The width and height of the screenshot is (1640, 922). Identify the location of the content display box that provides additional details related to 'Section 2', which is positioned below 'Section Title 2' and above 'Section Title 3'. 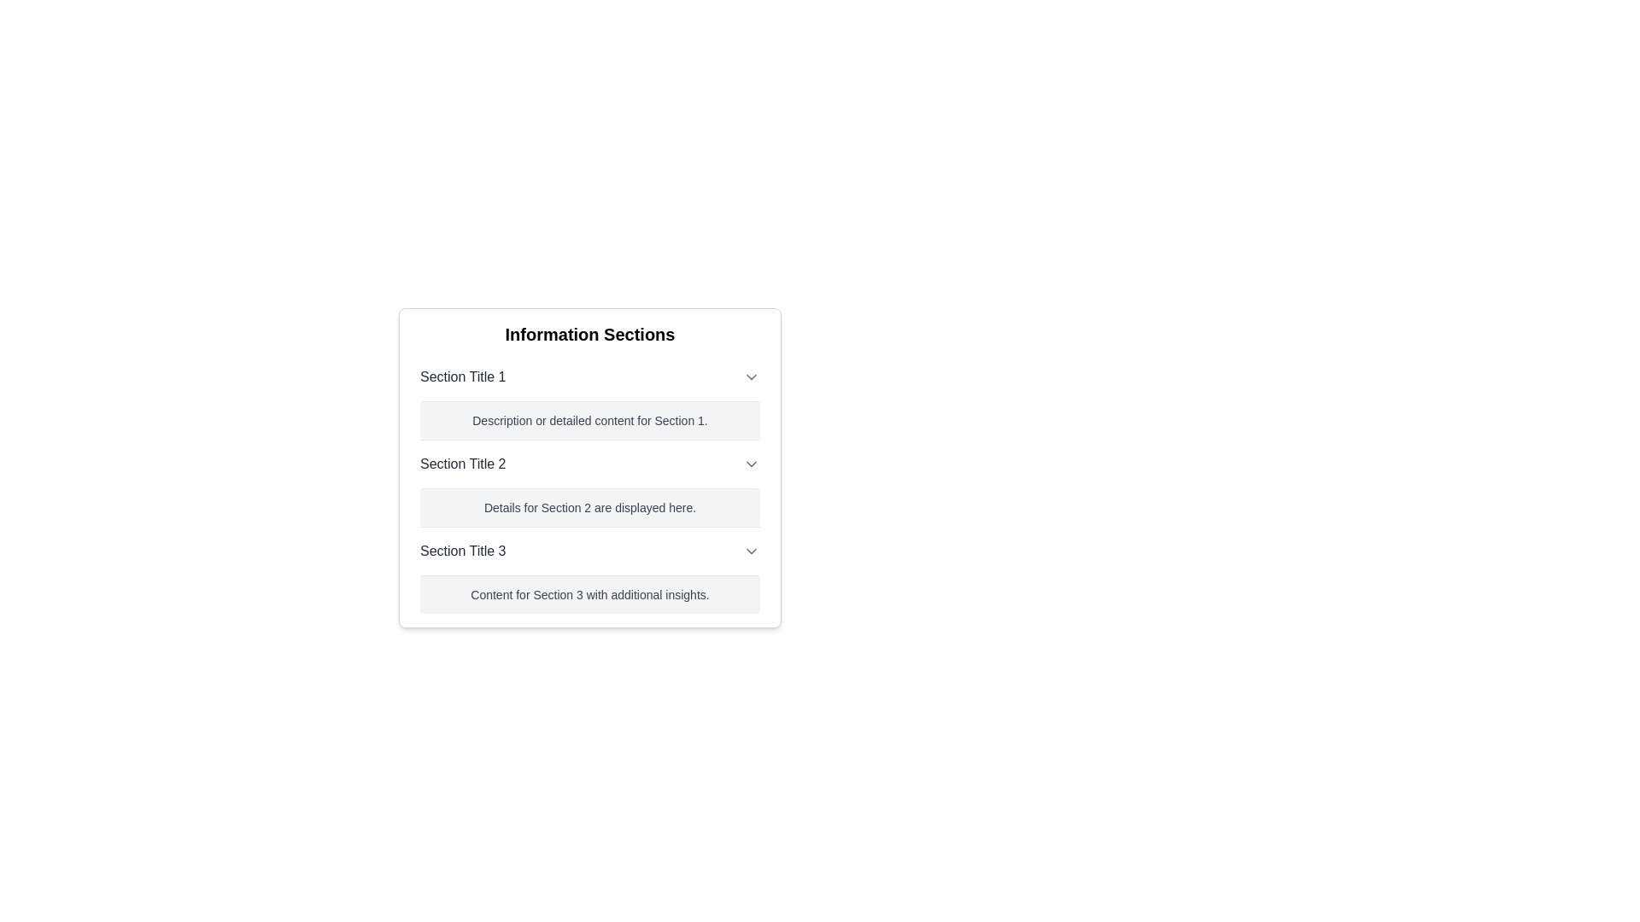
(590, 506).